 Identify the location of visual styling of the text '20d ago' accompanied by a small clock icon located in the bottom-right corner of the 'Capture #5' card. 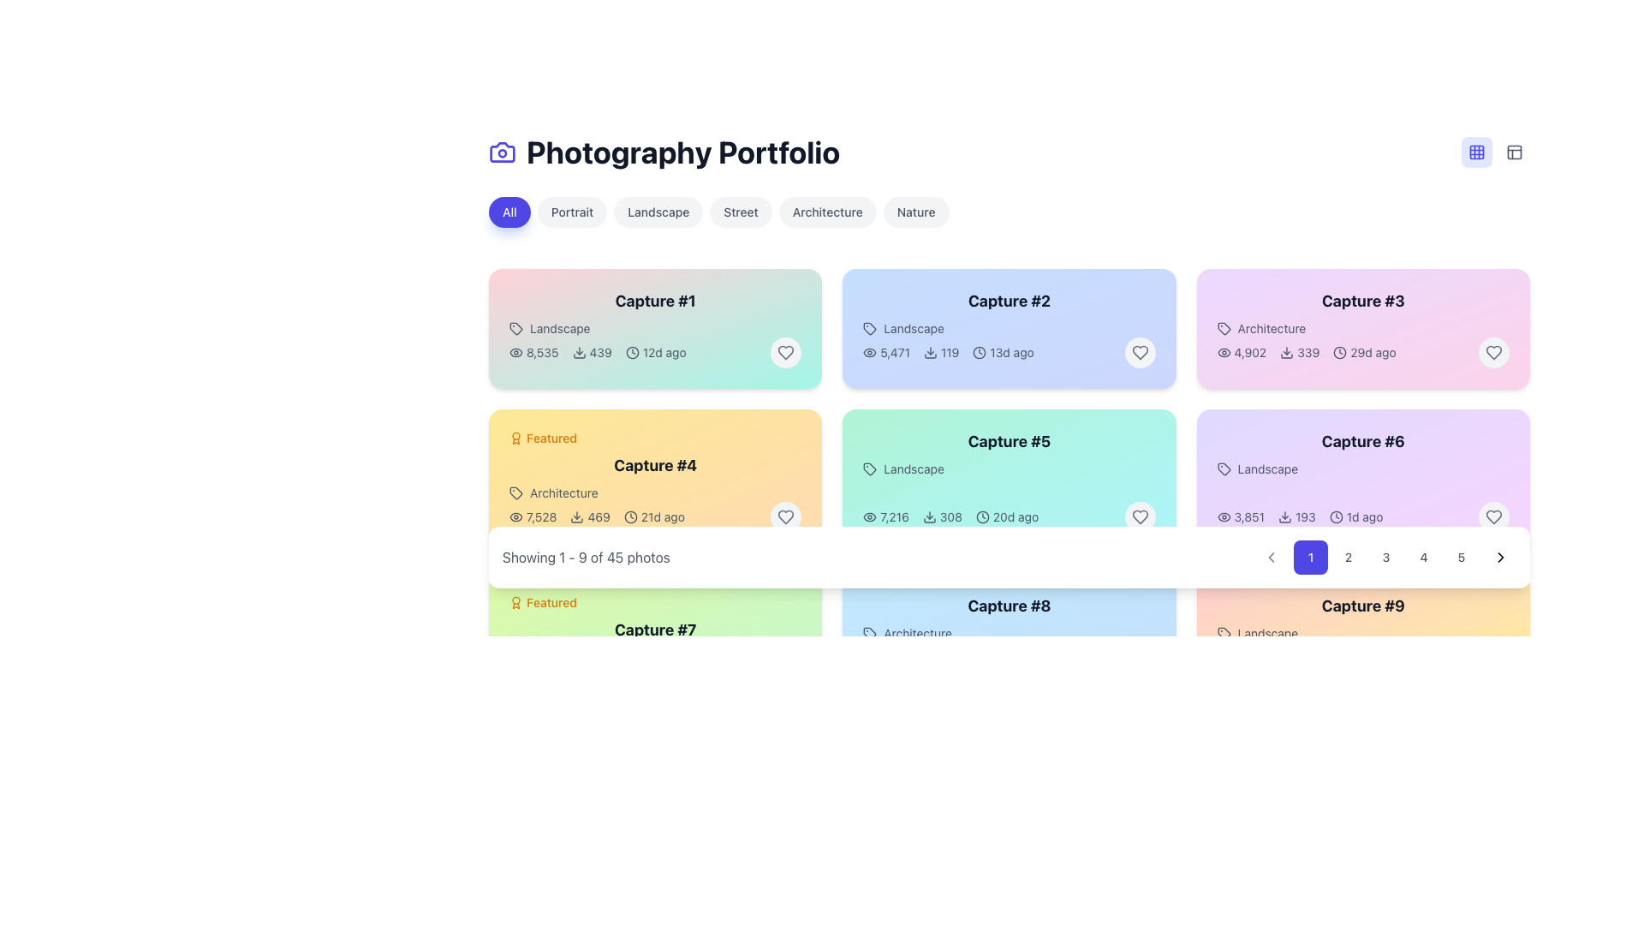
(1007, 516).